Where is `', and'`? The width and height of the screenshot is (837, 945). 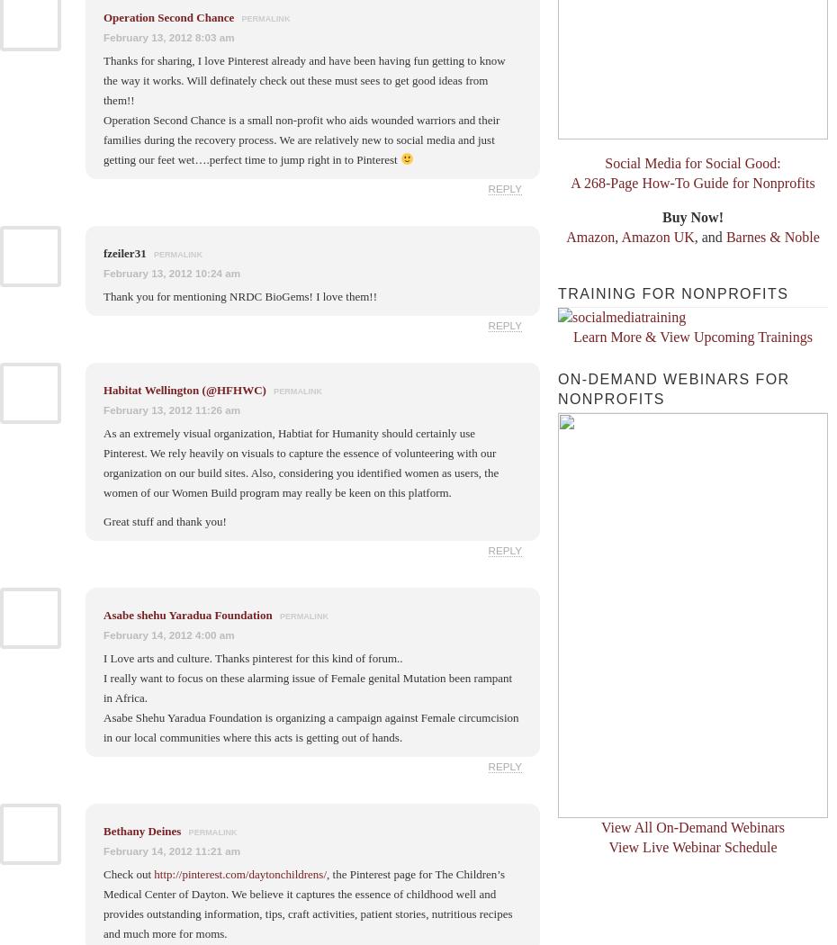
', and' is located at coordinates (708, 236).